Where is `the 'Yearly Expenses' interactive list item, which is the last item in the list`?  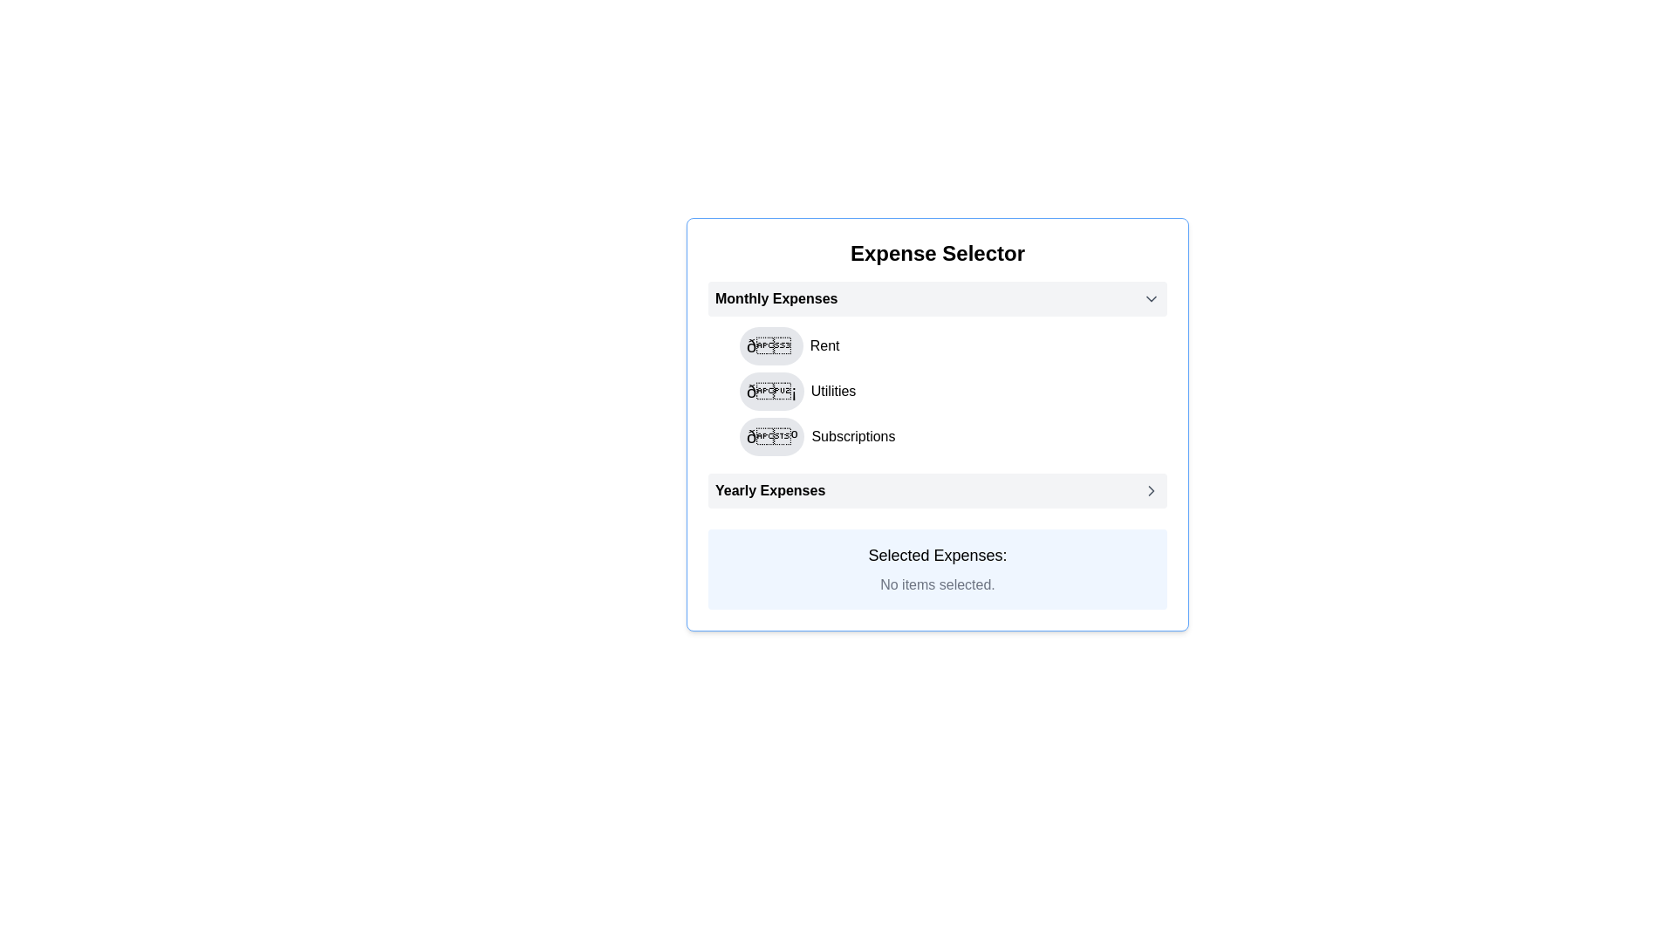 the 'Yearly Expenses' interactive list item, which is the last item in the list is located at coordinates (937, 491).